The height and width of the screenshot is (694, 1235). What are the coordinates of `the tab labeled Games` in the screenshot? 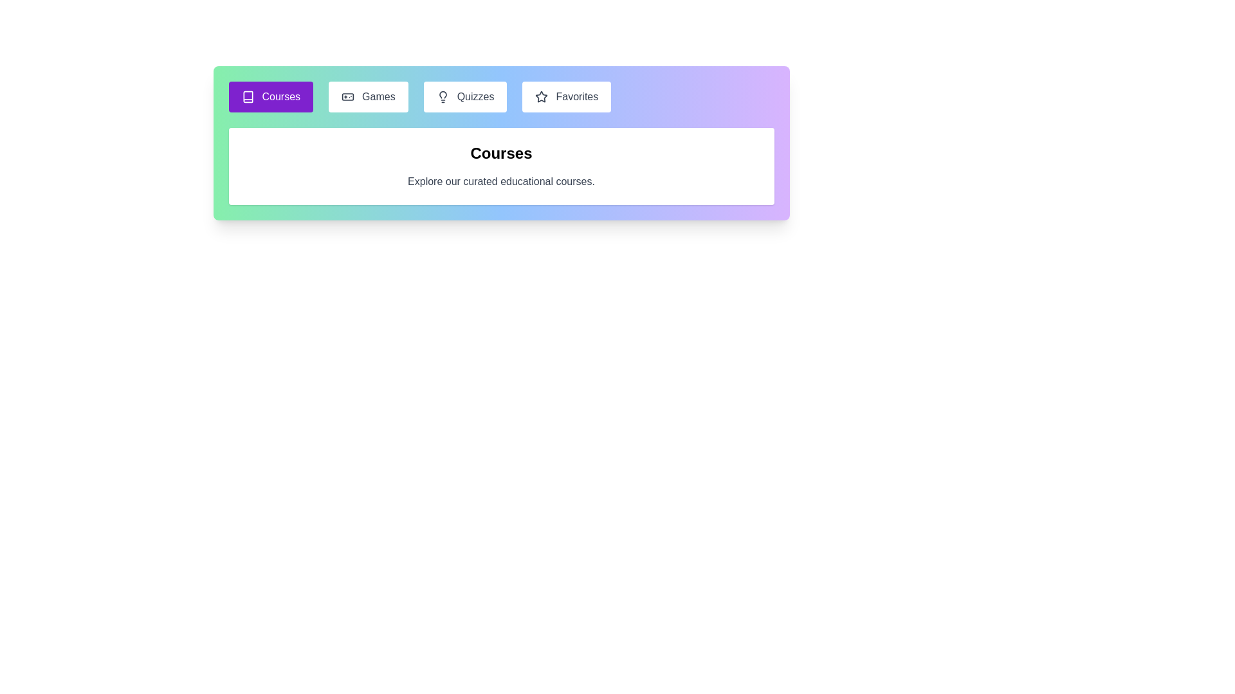 It's located at (367, 96).